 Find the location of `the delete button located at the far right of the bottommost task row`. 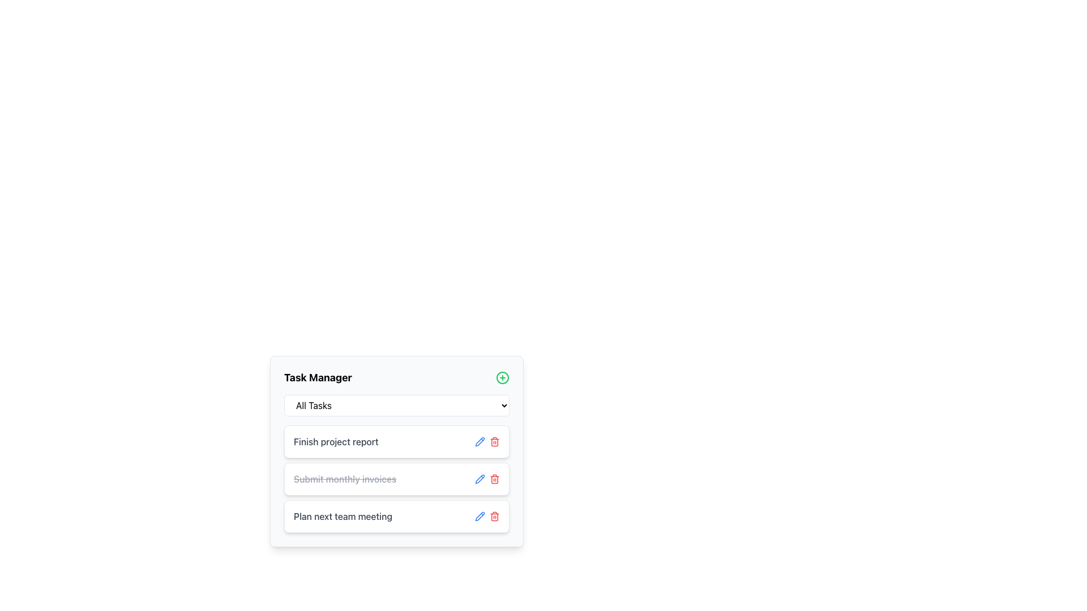

the delete button located at the far right of the bottommost task row is located at coordinates (487, 517).